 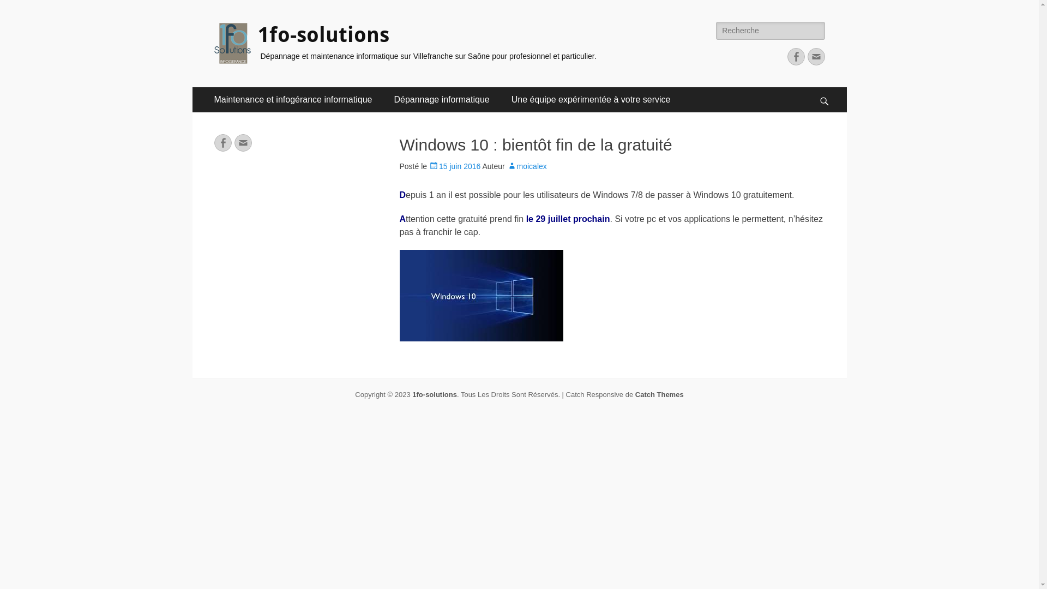 What do you see at coordinates (434, 394) in the screenshot?
I see `'1fo-solutions'` at bounding box center [434, 394].